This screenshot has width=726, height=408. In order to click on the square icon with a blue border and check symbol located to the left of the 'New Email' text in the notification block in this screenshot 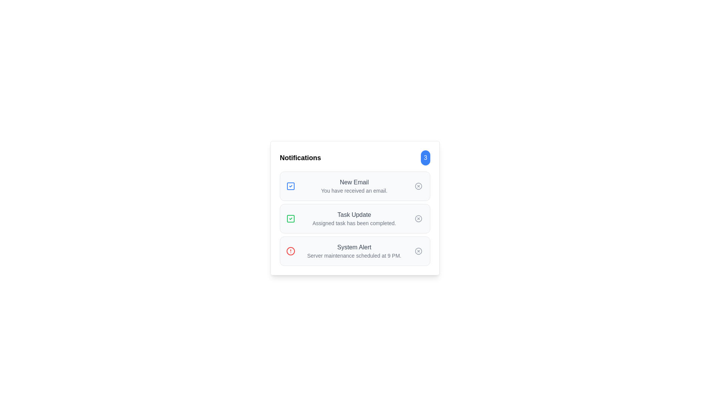, I will do `click(290, 186)`.